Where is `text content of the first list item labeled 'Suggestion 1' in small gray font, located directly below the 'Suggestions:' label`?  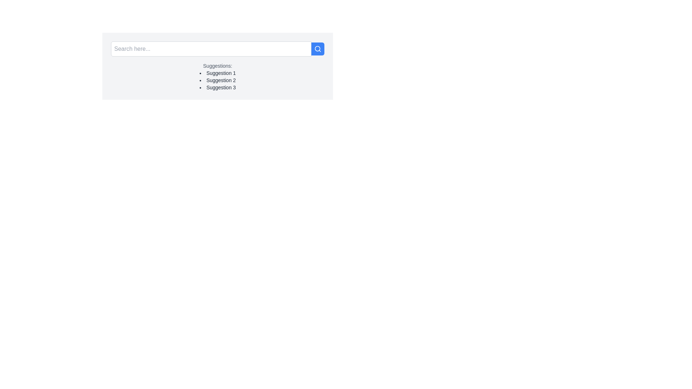 text content of the first list item labeled 'Suggestion 1' in small gray font, located directly below the 'Suggestions:' label is located at coordinates (217, 73).